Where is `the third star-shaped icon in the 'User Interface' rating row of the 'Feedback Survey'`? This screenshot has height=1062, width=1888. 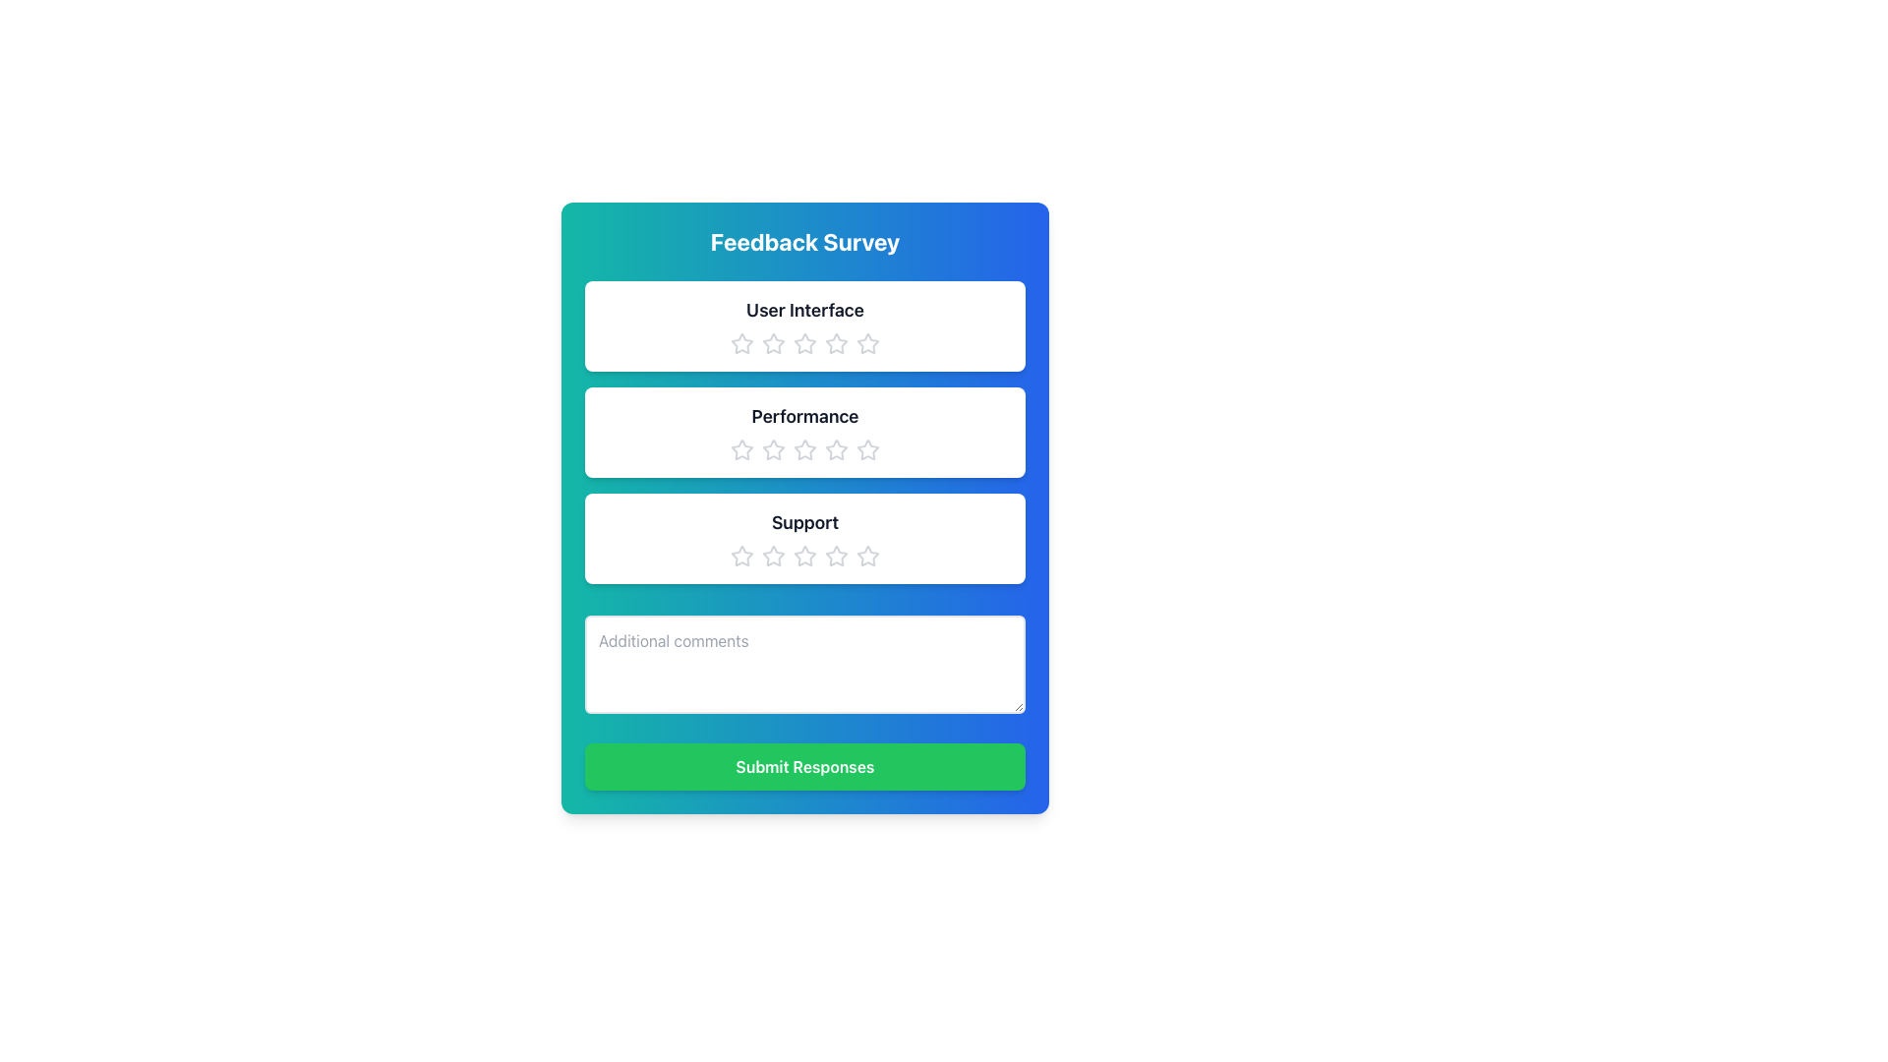
the third star-shaped icon in the 'User Interface' rating row of the 'Feedback Survey' is located at coordinates (805, 342).